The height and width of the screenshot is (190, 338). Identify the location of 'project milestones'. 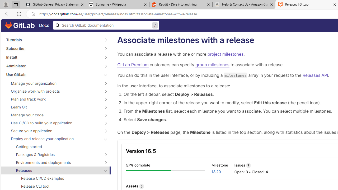
(225, 54).